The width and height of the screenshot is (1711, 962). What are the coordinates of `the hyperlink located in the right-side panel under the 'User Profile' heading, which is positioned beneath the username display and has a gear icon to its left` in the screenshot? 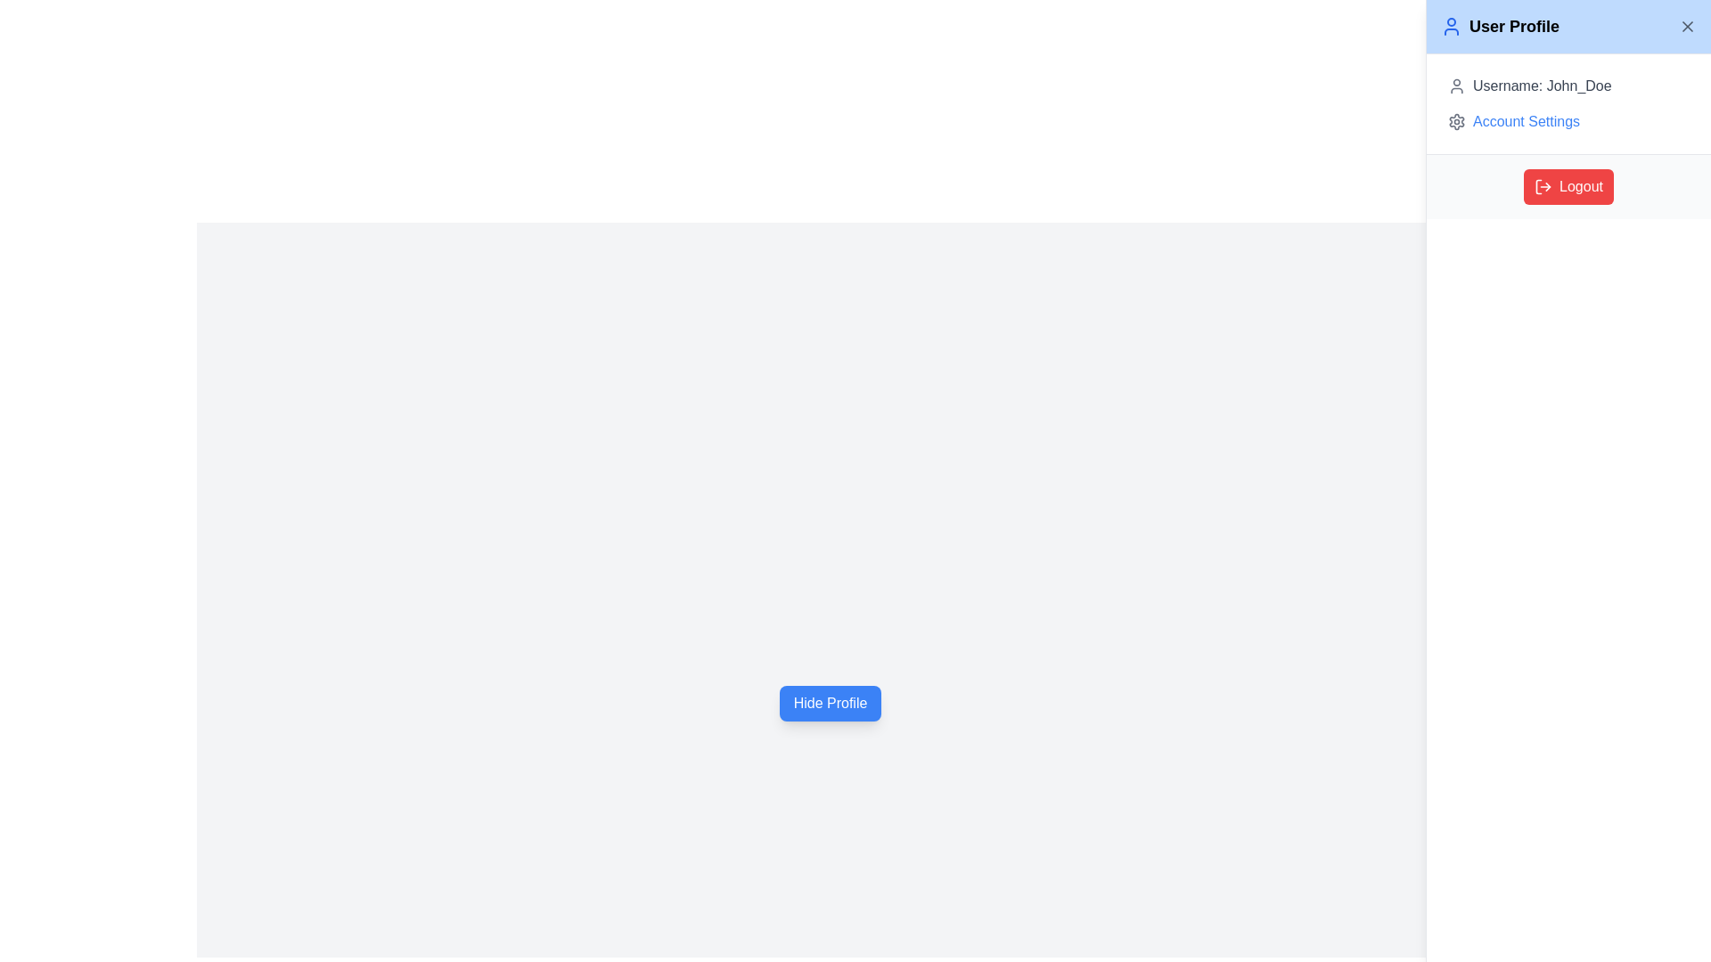 It's located at (1526, 121).